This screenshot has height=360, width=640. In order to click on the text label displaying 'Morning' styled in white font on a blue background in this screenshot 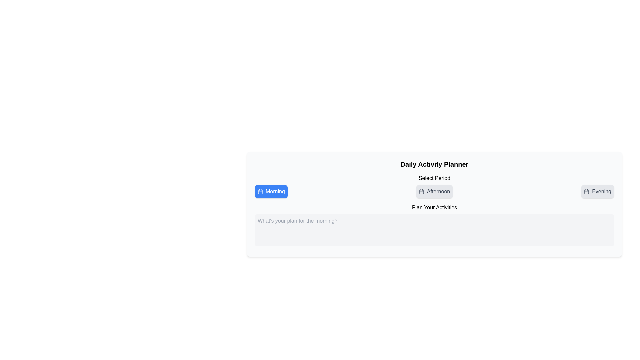, I will do `click(275, 191)`.